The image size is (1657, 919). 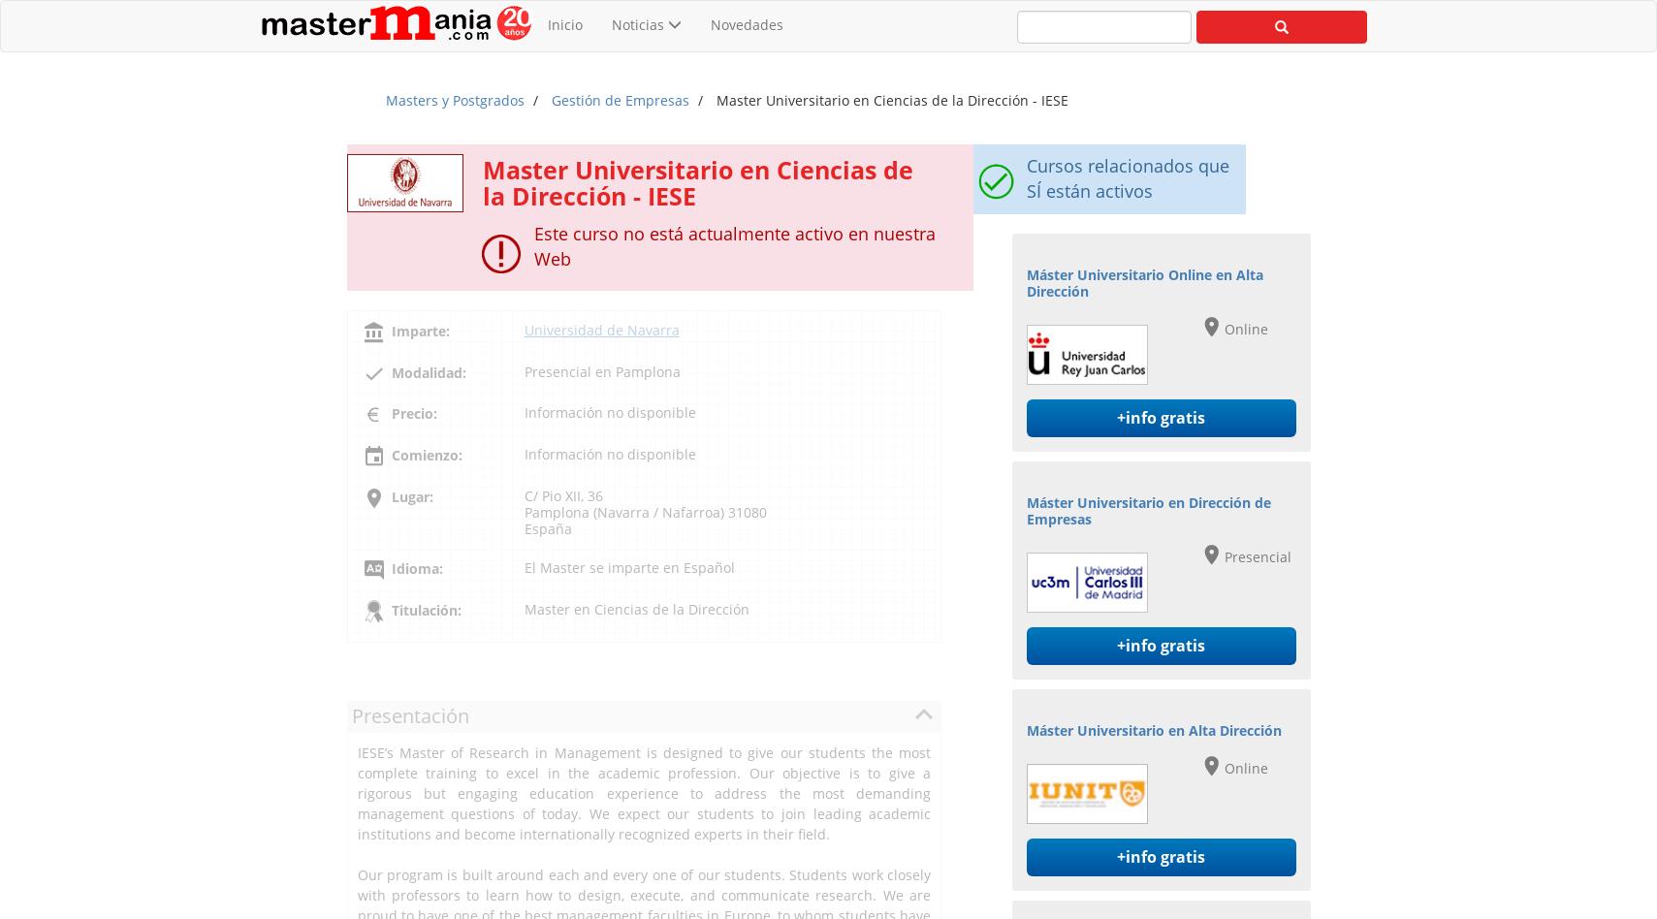 I want to click on 'Masters y Postgrados', so click(x=453, y=100).